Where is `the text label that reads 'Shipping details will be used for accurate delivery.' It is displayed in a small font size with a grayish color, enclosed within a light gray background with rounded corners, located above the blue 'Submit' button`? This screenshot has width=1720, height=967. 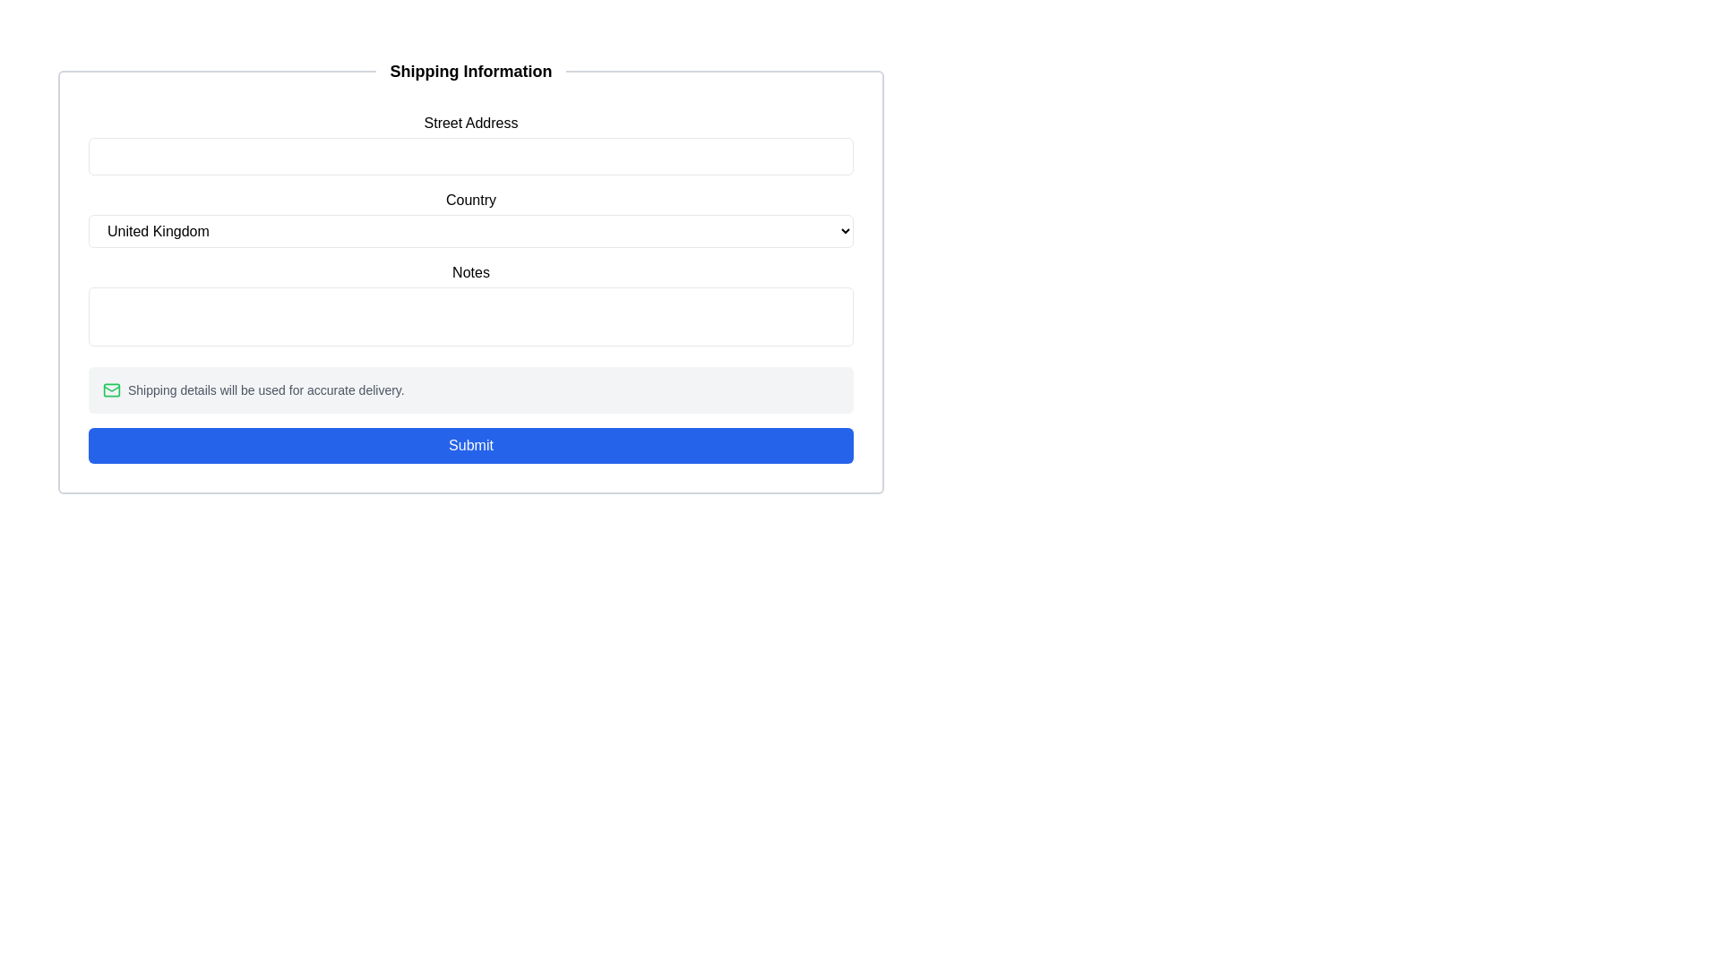
the text label that reads 'Shipping details will be used for accurate delivery.' It is displayed in a small font size with a grayish color, enclosed within a light gray background with rounded corners, located above the blue 'Submit' button is located at coordinates (265, 389).